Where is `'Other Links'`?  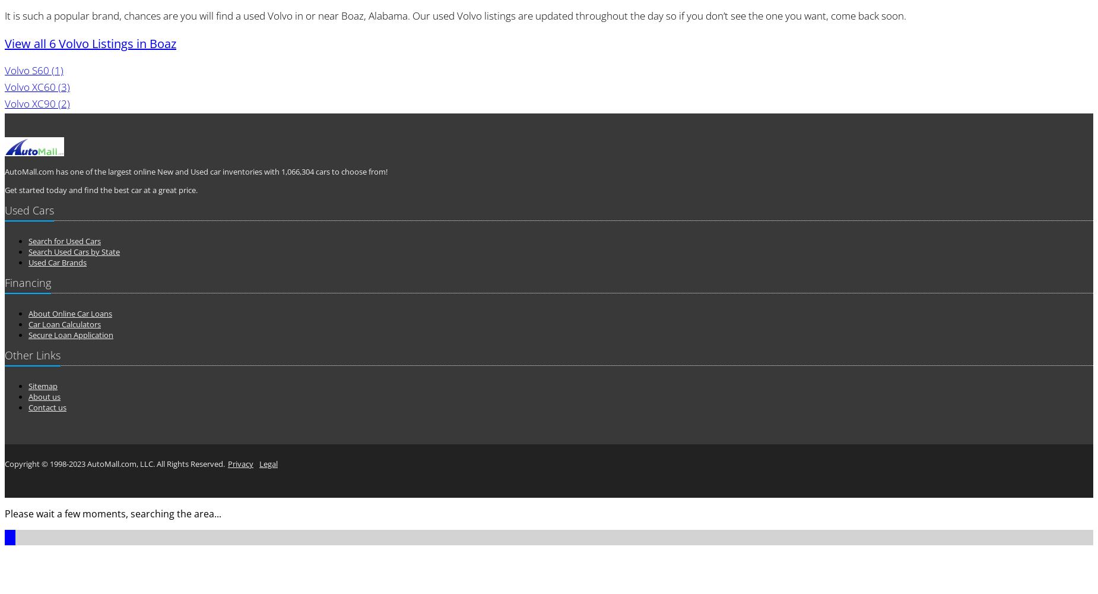
'Other Links' is located at coordinates (4, 355).